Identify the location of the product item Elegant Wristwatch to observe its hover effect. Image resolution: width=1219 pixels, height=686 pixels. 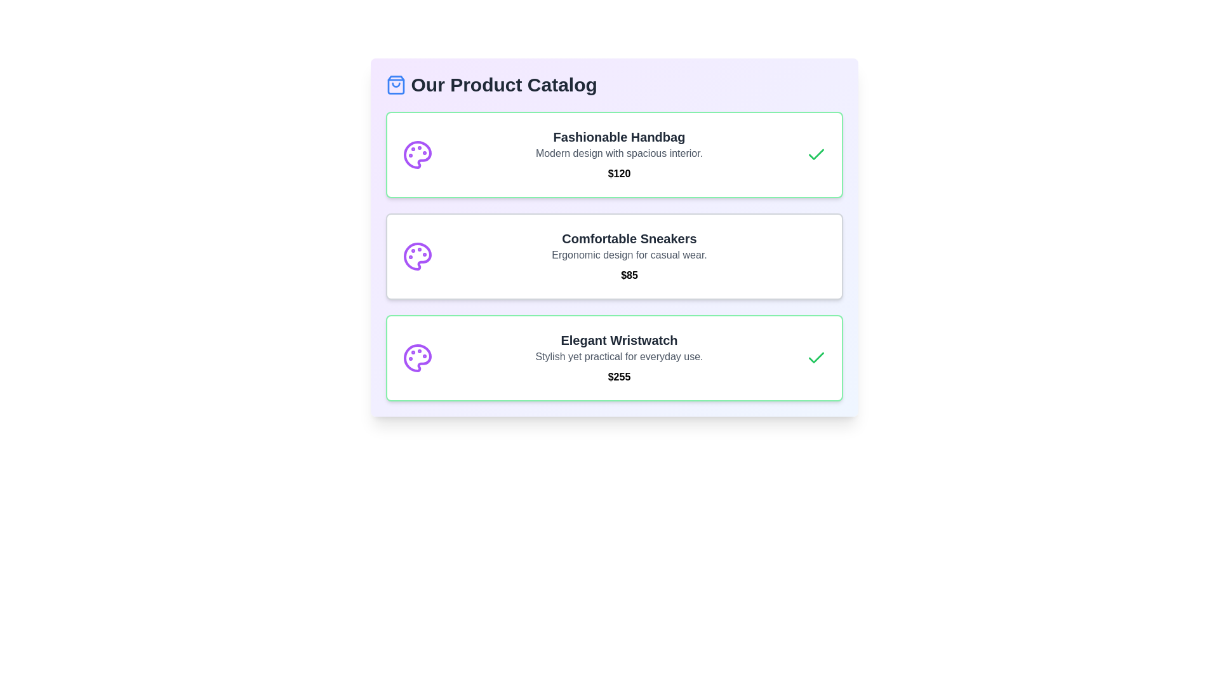
(614, 358).